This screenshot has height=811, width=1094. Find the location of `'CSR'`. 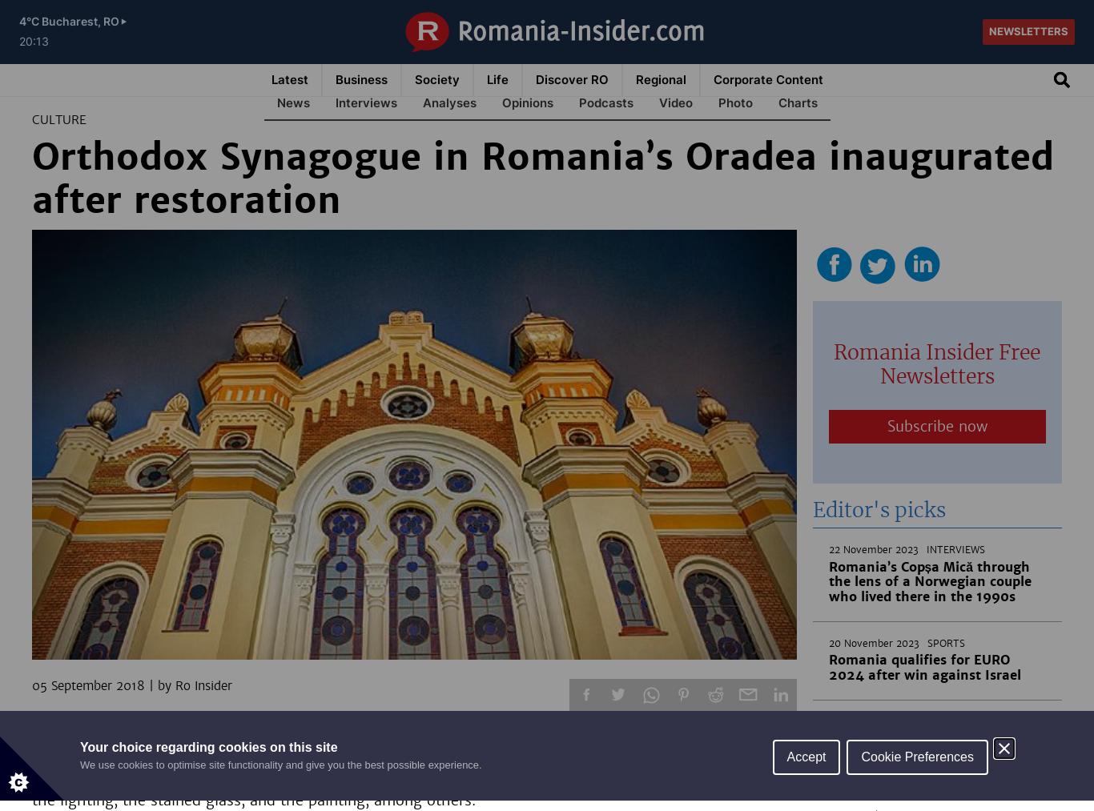

'CSR' is located at coordinates (883, 102).